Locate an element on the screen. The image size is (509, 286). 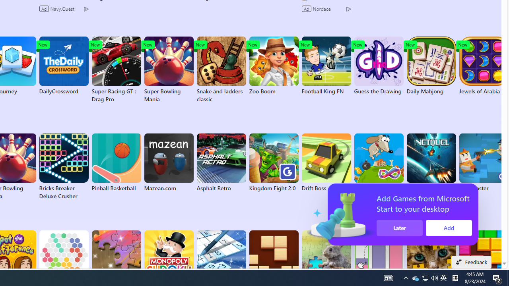
'DailyCrossword' is located at coordinates (64, 65).